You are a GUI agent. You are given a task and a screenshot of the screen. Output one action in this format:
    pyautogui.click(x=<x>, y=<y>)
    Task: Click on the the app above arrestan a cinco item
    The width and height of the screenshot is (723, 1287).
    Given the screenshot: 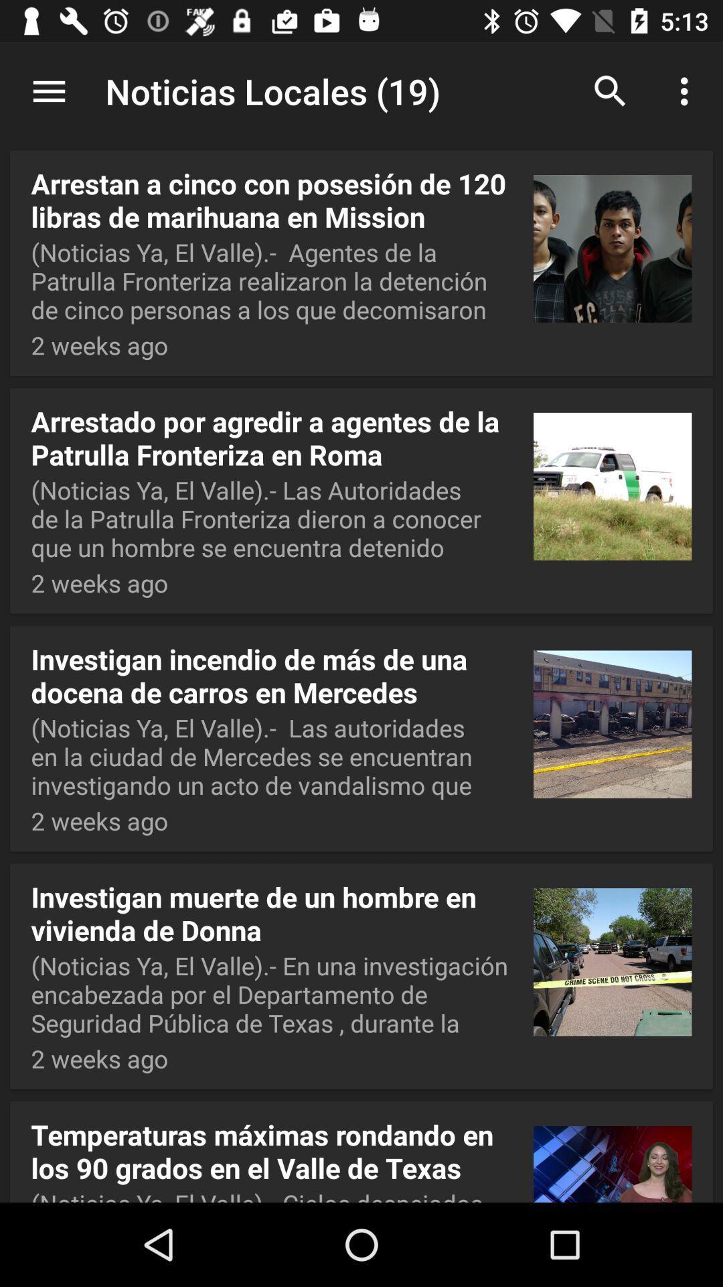 What is the action you would take?
    pyautogui.click(x=361, y=93)
    